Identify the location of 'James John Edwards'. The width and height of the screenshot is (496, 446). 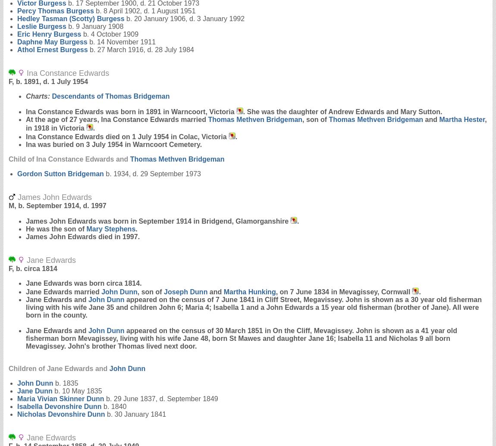
(53, 197).